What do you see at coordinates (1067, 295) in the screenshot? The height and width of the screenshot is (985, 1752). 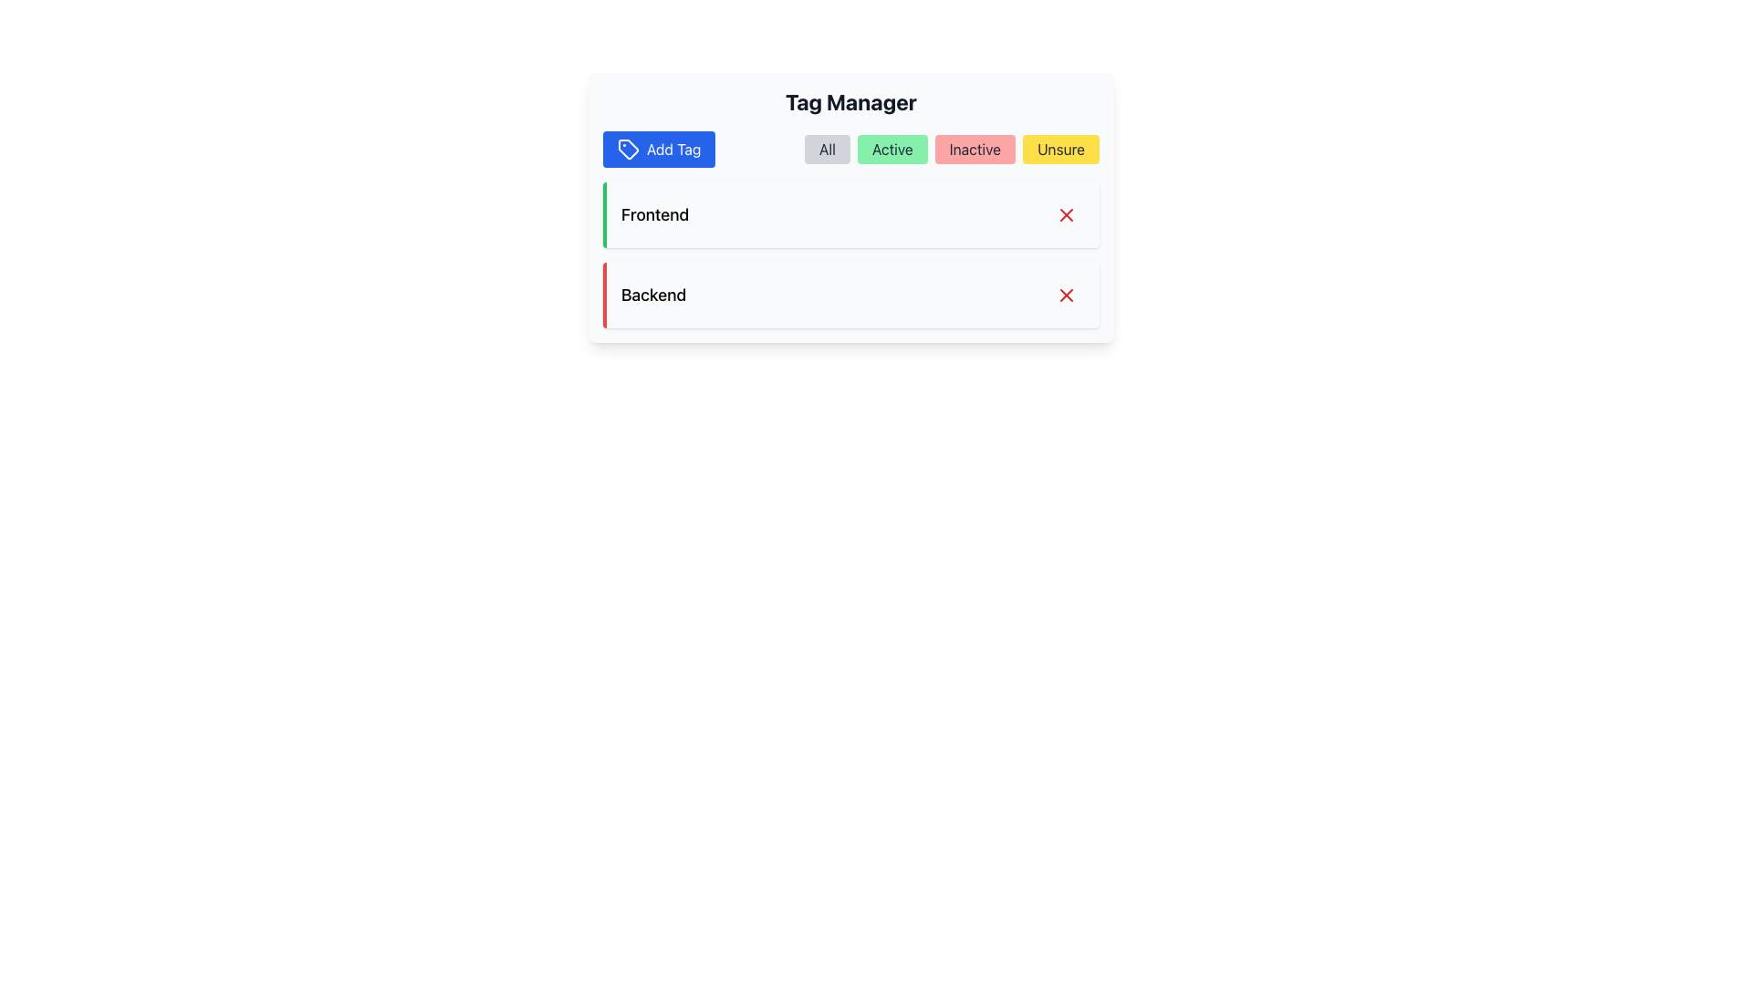 I see `the delete or close button located on the far-right of the row labeled 'Backend' to potentially see a tooltip` at bounding box center [1067, 295].